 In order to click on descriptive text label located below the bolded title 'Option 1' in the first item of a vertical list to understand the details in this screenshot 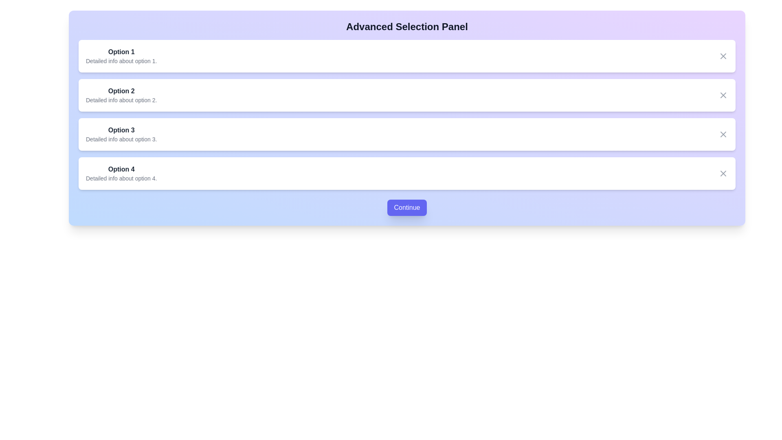, I will do `click(121, 61)`.